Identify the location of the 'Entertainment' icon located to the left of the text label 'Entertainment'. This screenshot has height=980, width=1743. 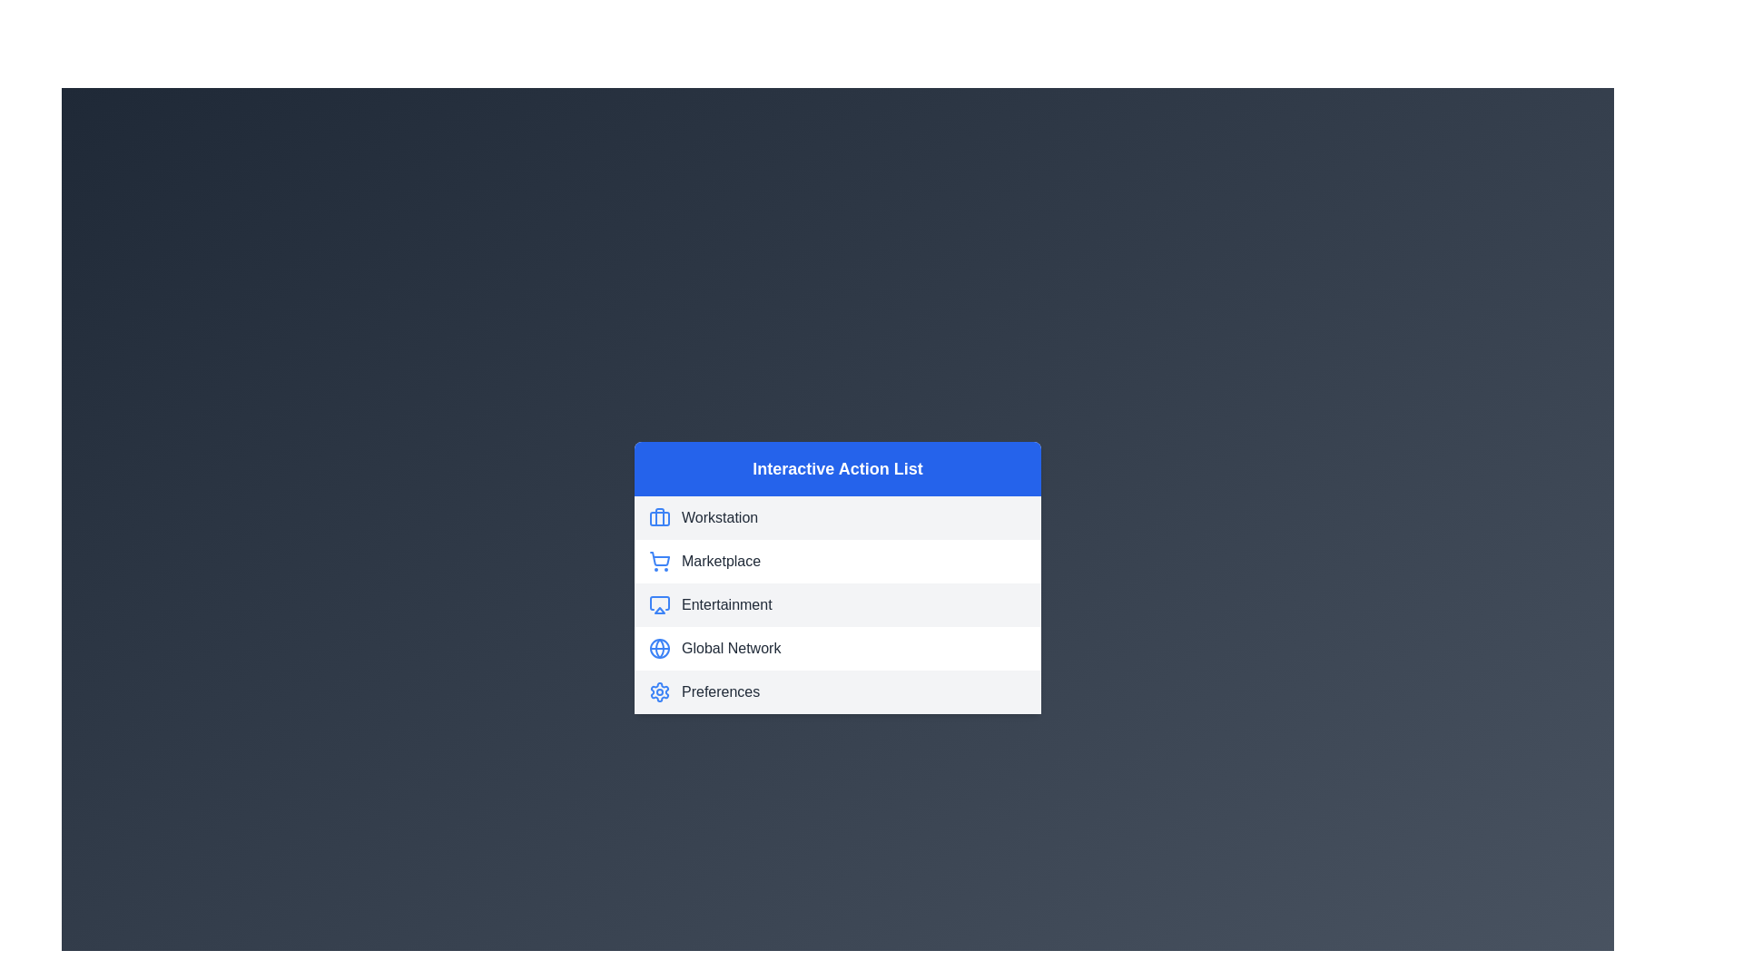
(658, 605).